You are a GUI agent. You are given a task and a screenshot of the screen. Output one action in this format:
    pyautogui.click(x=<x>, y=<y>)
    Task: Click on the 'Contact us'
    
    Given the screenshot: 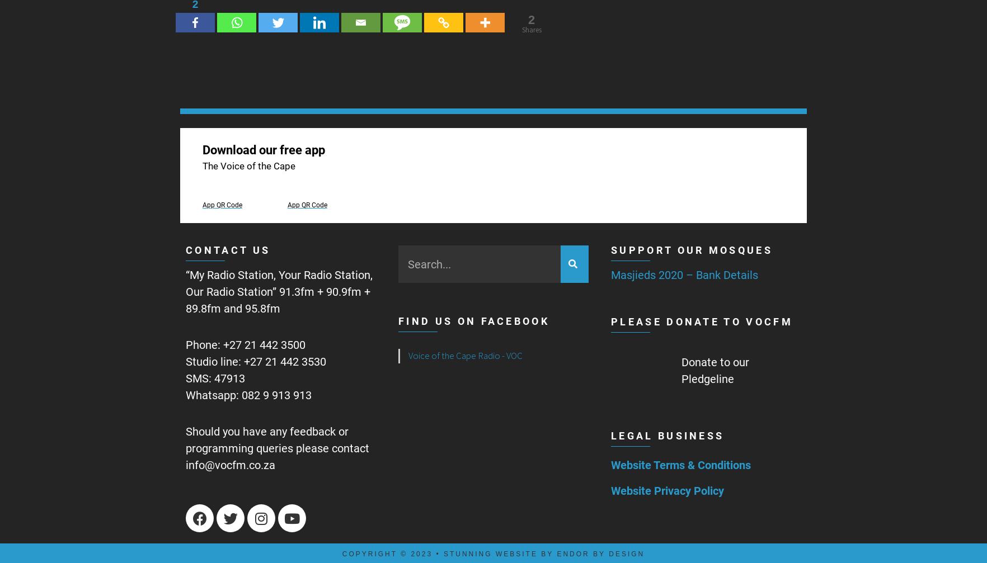 What is the action you would take?
    pyautogui.click(x=228, y=250)
    